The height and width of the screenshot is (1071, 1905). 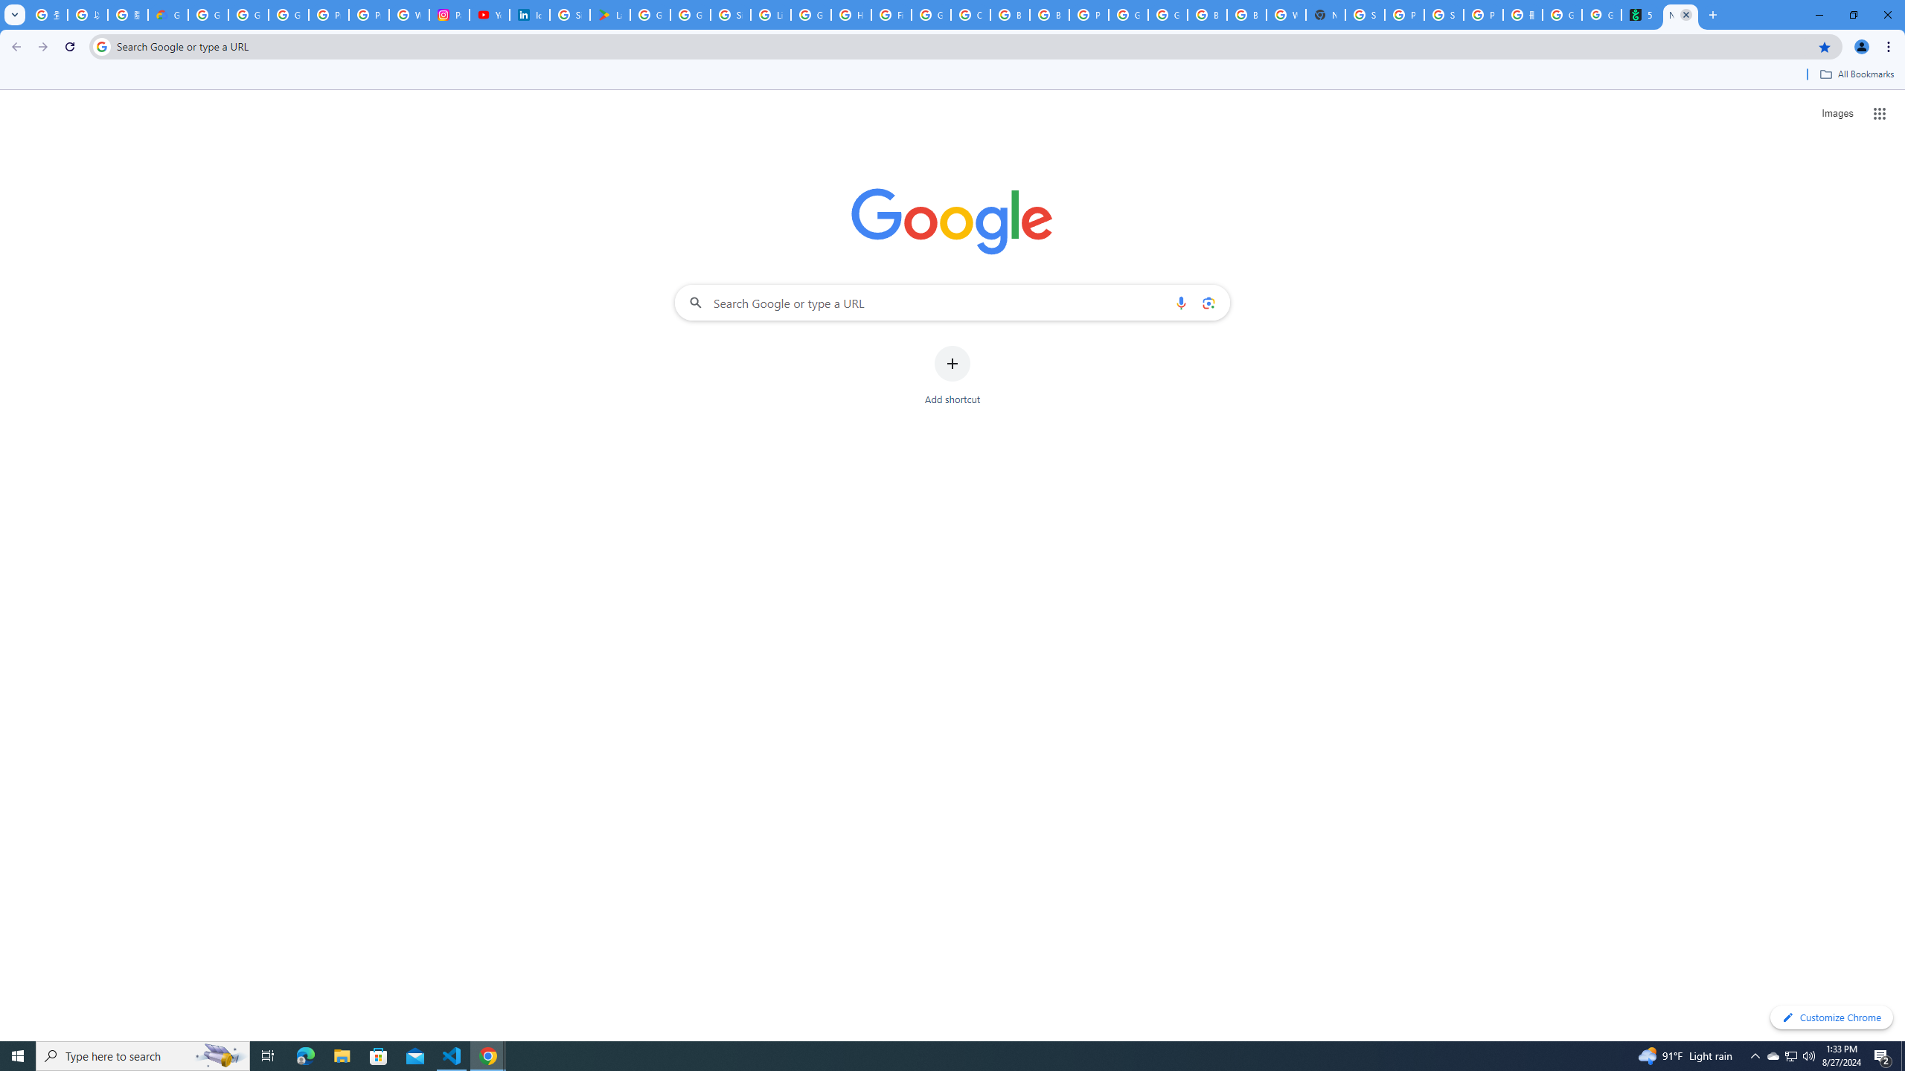 I want to click on 'Search for Images ', so click(x=1837, y=114).